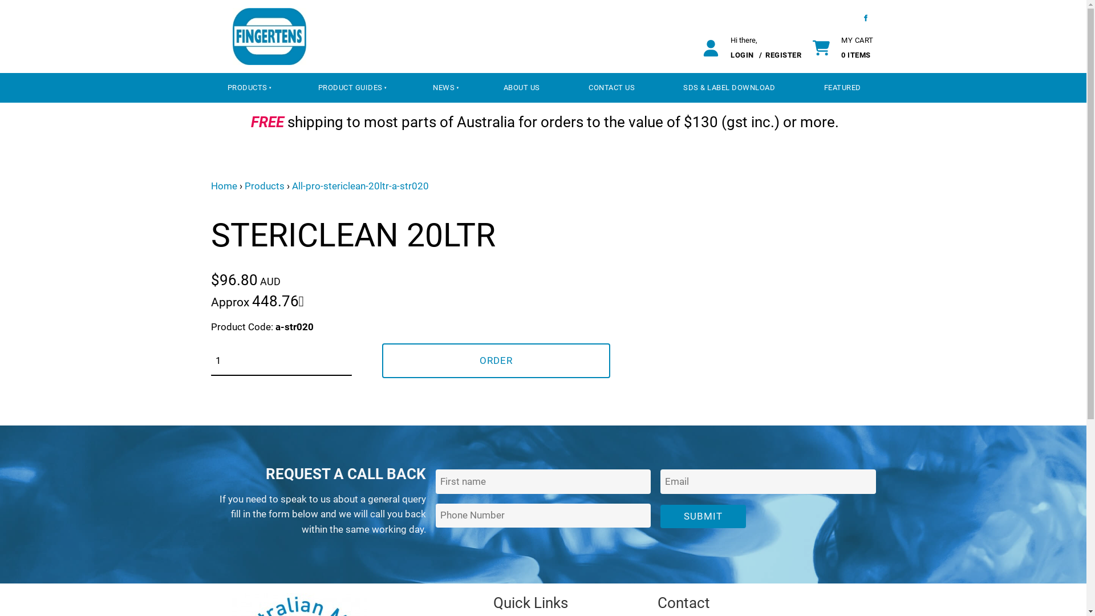  What do you see at coordinates (857, 47) in the screenshot?
I see `'MY CART` at bounding box center [857, 47].